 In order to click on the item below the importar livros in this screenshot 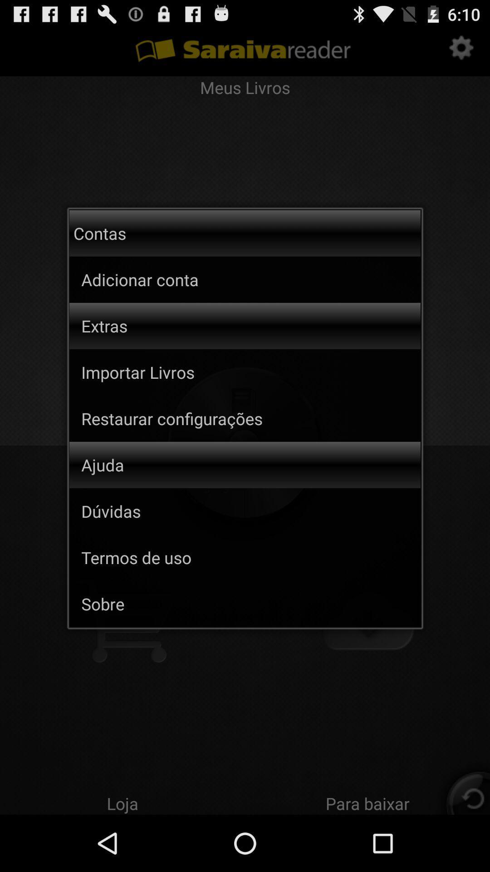, I will do `click(251, 418)`.